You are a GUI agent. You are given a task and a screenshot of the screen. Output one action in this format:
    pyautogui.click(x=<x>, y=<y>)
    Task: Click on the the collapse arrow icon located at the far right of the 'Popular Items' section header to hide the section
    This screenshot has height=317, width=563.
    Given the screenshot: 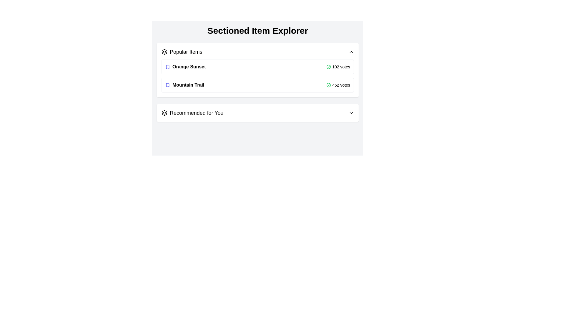 What is the action you would take?
    pyautogui.click(x=351, y=52)
    